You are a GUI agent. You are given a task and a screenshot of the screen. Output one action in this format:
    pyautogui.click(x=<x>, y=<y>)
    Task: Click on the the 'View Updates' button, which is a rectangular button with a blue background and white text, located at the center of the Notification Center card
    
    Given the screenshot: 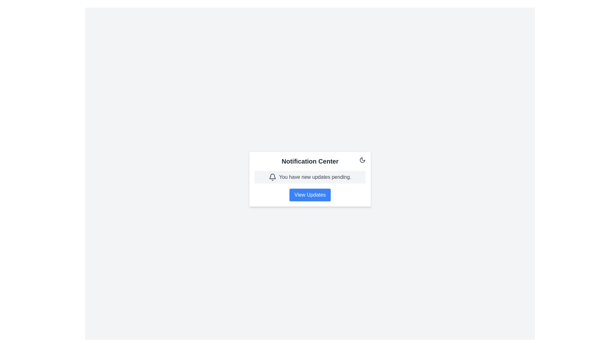 What is the action you would take?
    pyautogui.click(x=310, y=194)
    